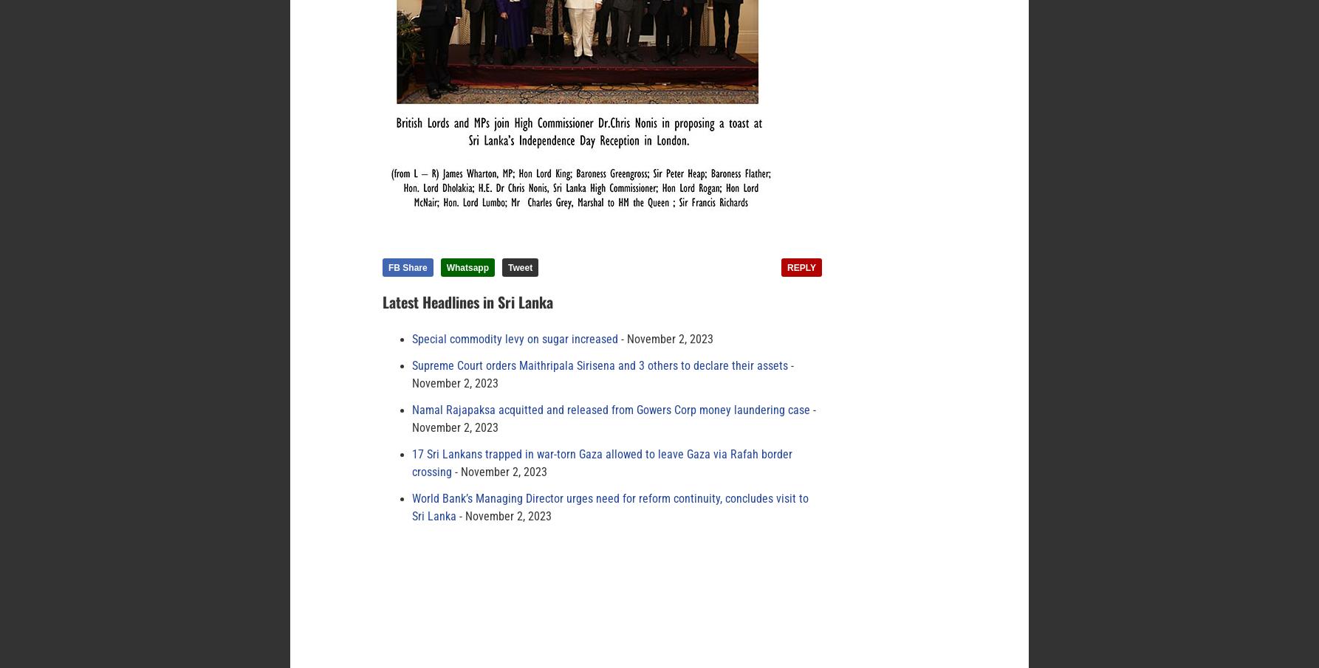 The width and height of the screenshot is (1319, 668). What do you see at coordinates (507, 267) in the screenshot?
I see `'Tweet'` at bounding box center [507, 267].